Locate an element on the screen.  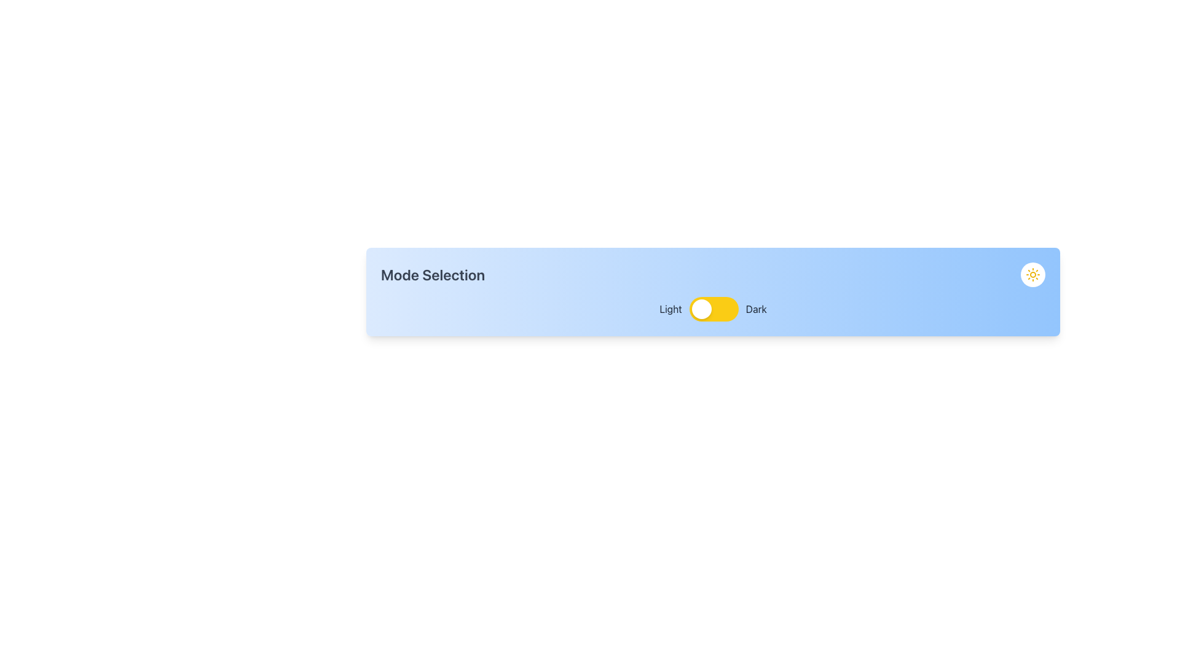
the mode change button located at the far right of the mode selection toolbar to change the mode is located at coordinates (1032, 274).